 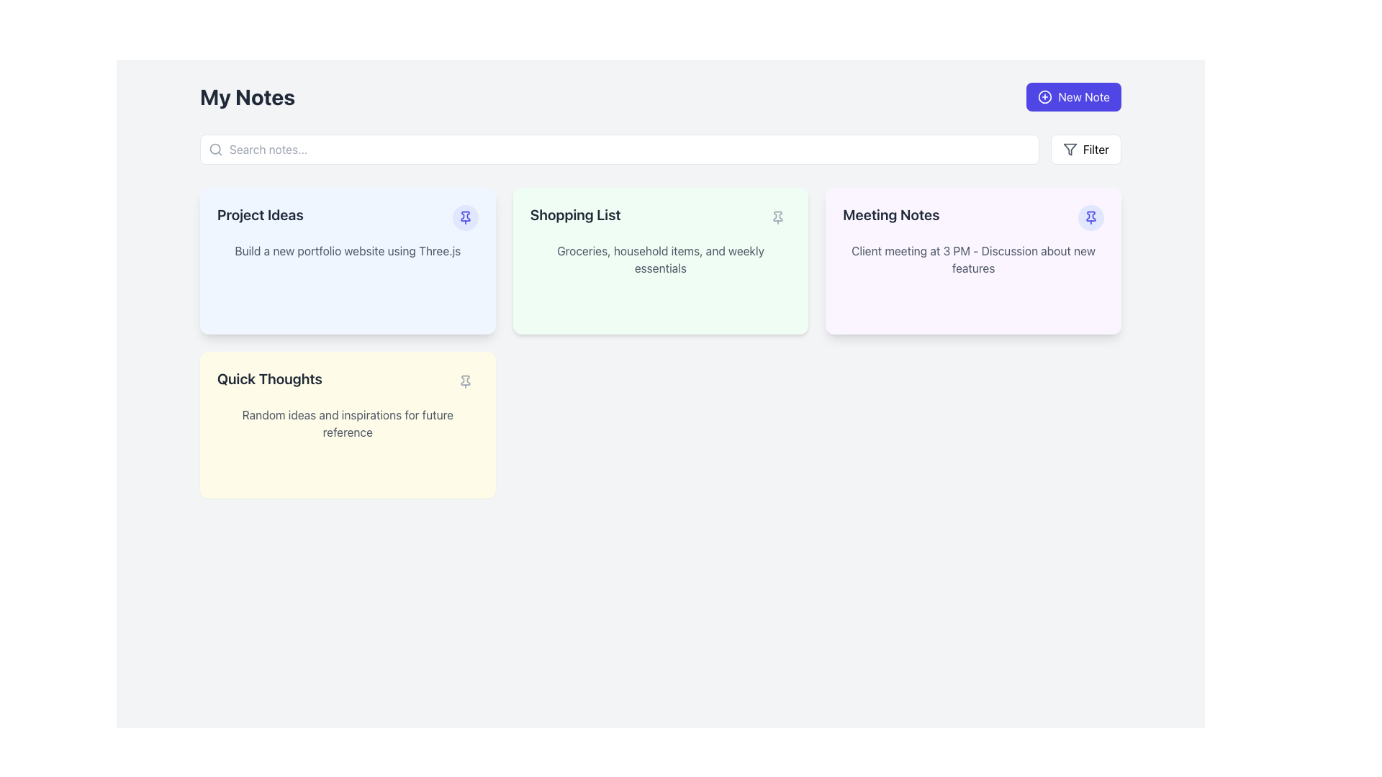 What do you see at coordinates (750, 304) in the screenshot?
I see `the small circular button located in the bottom-right corner of the 'Shopping List' card to observe its style changes` at bounding box center [750, 304].